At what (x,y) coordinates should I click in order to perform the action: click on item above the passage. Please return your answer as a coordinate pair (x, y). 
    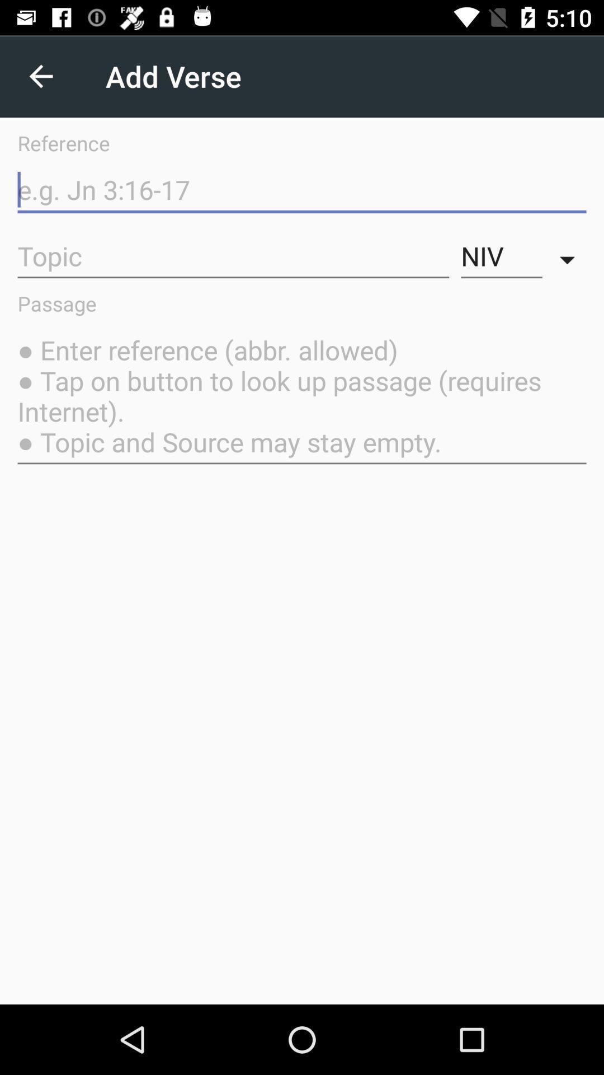
    Looking at the image, I should click on (233, 256).